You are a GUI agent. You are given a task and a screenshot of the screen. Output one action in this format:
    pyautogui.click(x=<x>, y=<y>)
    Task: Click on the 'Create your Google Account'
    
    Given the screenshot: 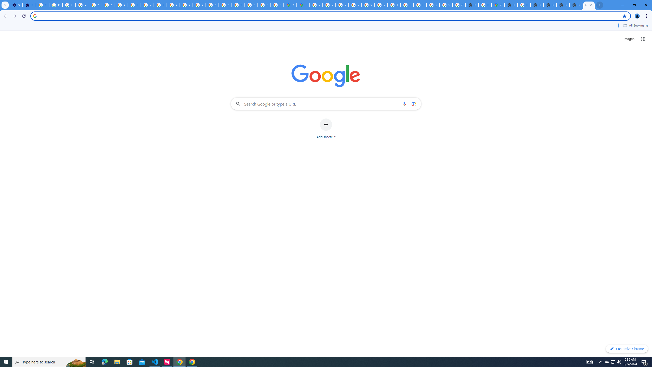 What is the action you would take?
    pyautogui.click(x=277, y=5)
    